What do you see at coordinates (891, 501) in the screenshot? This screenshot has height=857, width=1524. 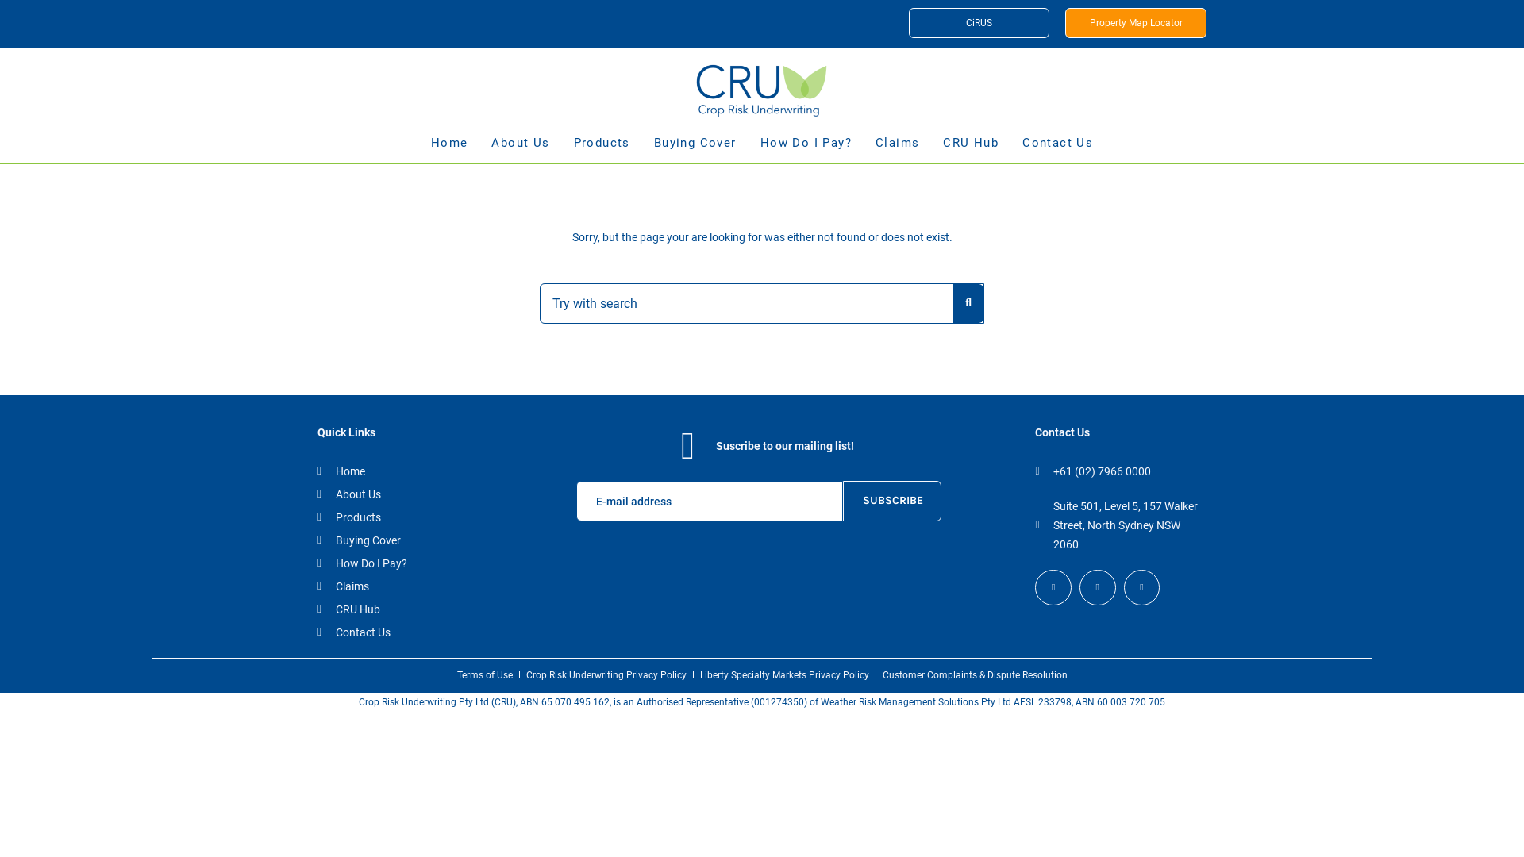 I see `'SUBSCRIBE'` at bounding box center [891, 501].